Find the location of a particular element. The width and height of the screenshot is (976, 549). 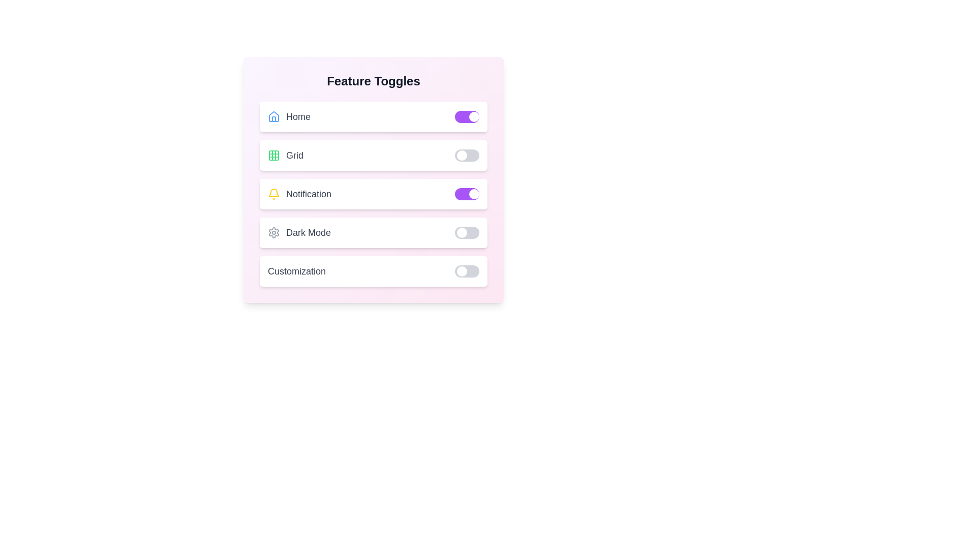

the bold header text 'Feature Toggles' displayed at the top of the panel with a gradient pink background is located at coordinates (373, 80).